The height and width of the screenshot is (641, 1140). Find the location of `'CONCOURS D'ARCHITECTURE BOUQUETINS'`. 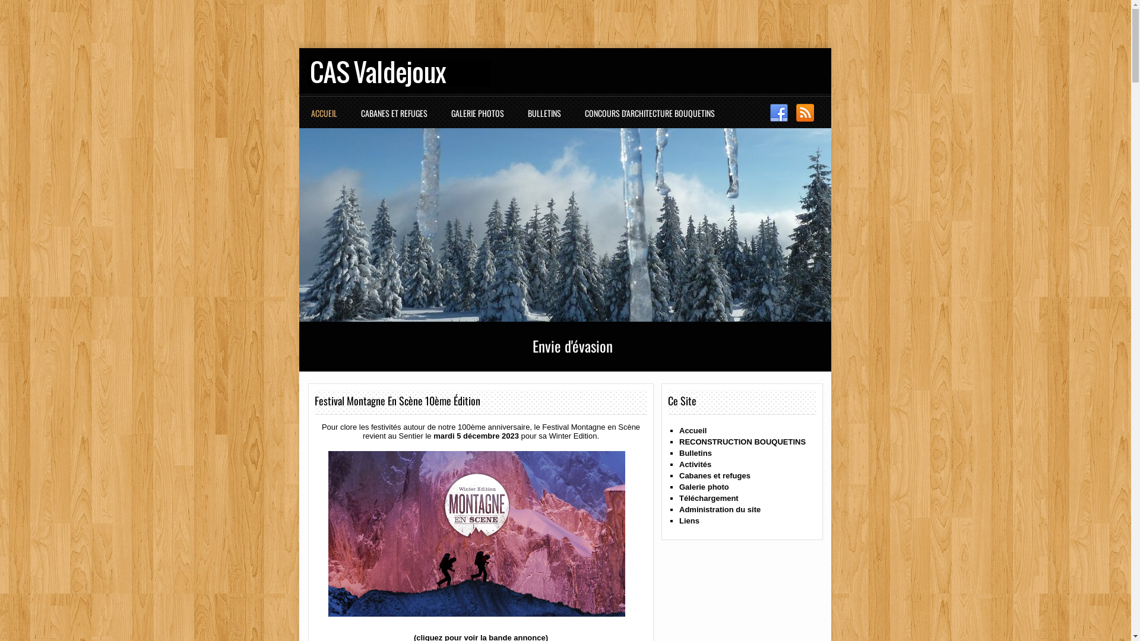

'CONCOURS D'ARCHITECTURE BOUQUETINS' is located at coordinates (652, 119).